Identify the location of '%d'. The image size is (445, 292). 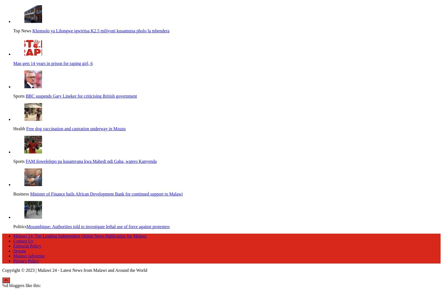
(5, 278).